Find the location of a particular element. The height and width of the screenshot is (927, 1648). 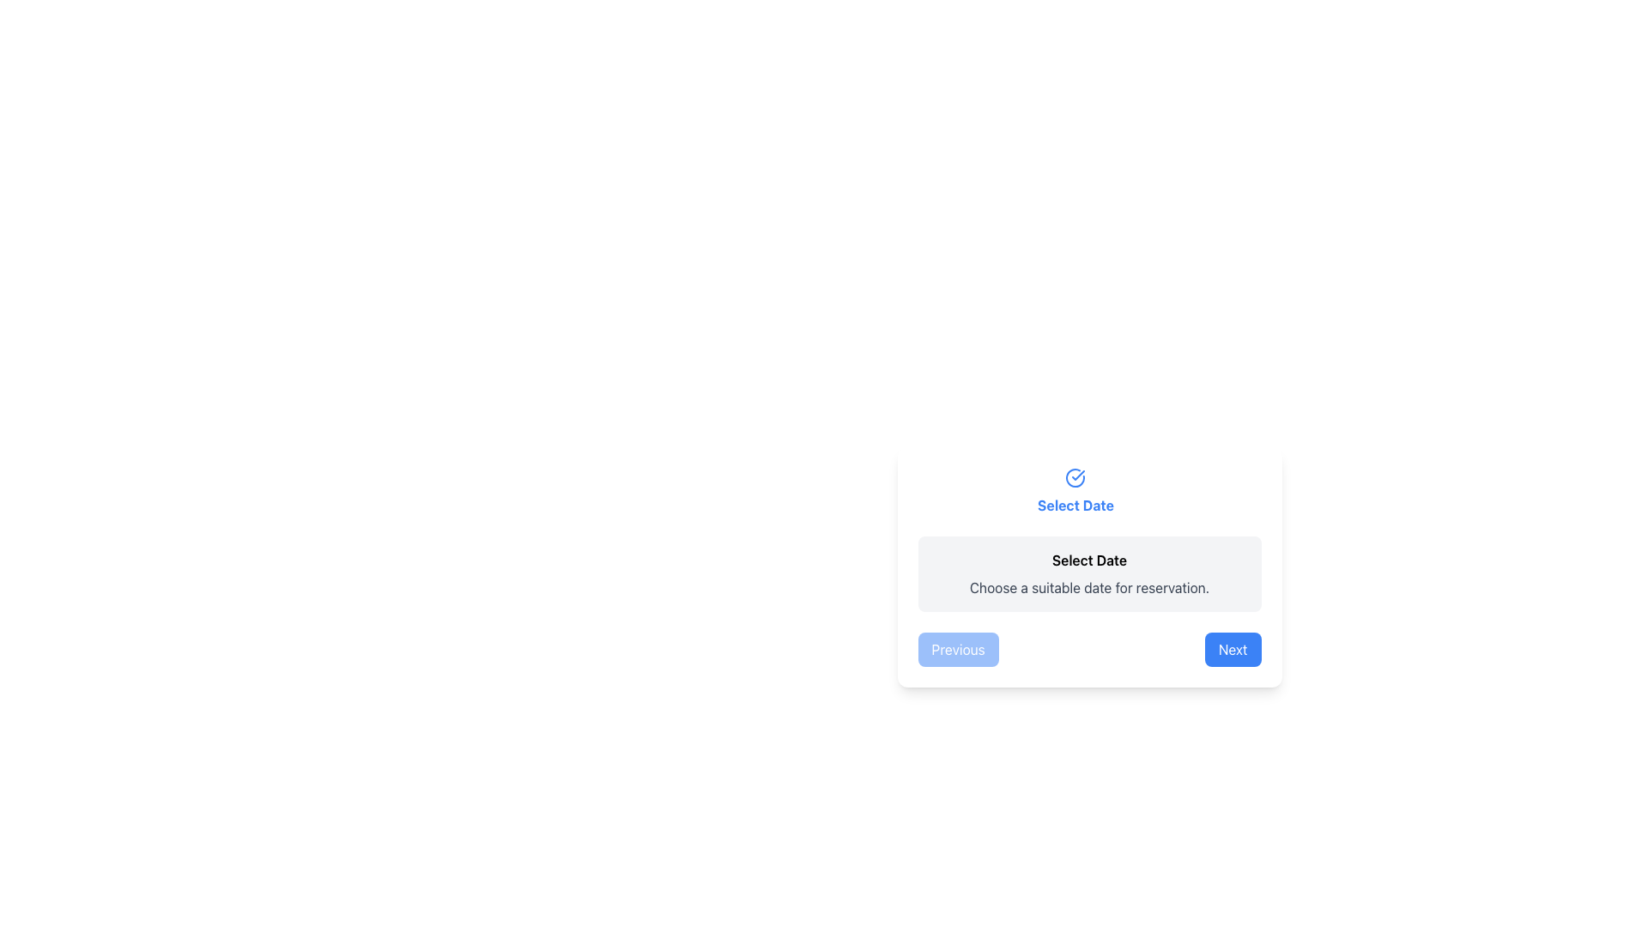

the Text Label that provides guidance for selecting a date for a reservation, positioned beneath the title 'Select Date' is located at coordinates (1088, 587).